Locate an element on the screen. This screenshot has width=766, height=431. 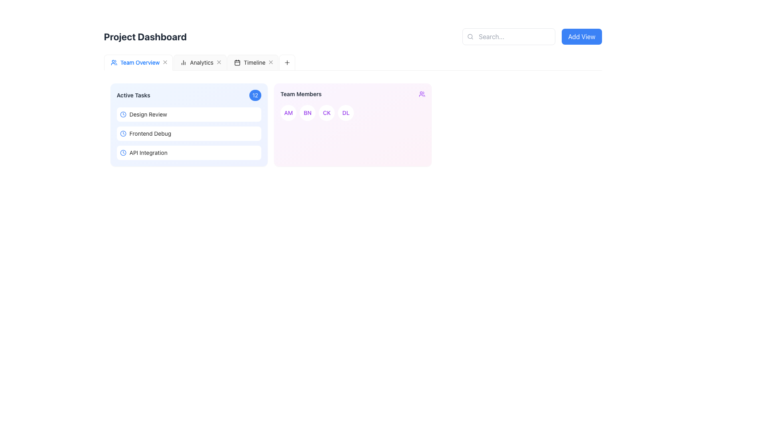
the Circular Outline Graphic that serves as a visual indicator within the 'Frontend Debug' task row in the 'Active Tasks' panel is located at coordinates (122, 133).